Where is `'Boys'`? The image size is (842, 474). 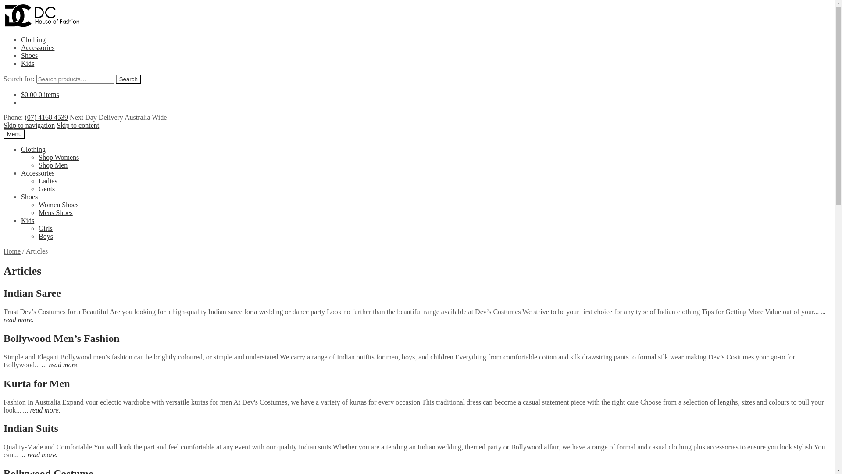 'Boys' is located at coordinates (45, 236).